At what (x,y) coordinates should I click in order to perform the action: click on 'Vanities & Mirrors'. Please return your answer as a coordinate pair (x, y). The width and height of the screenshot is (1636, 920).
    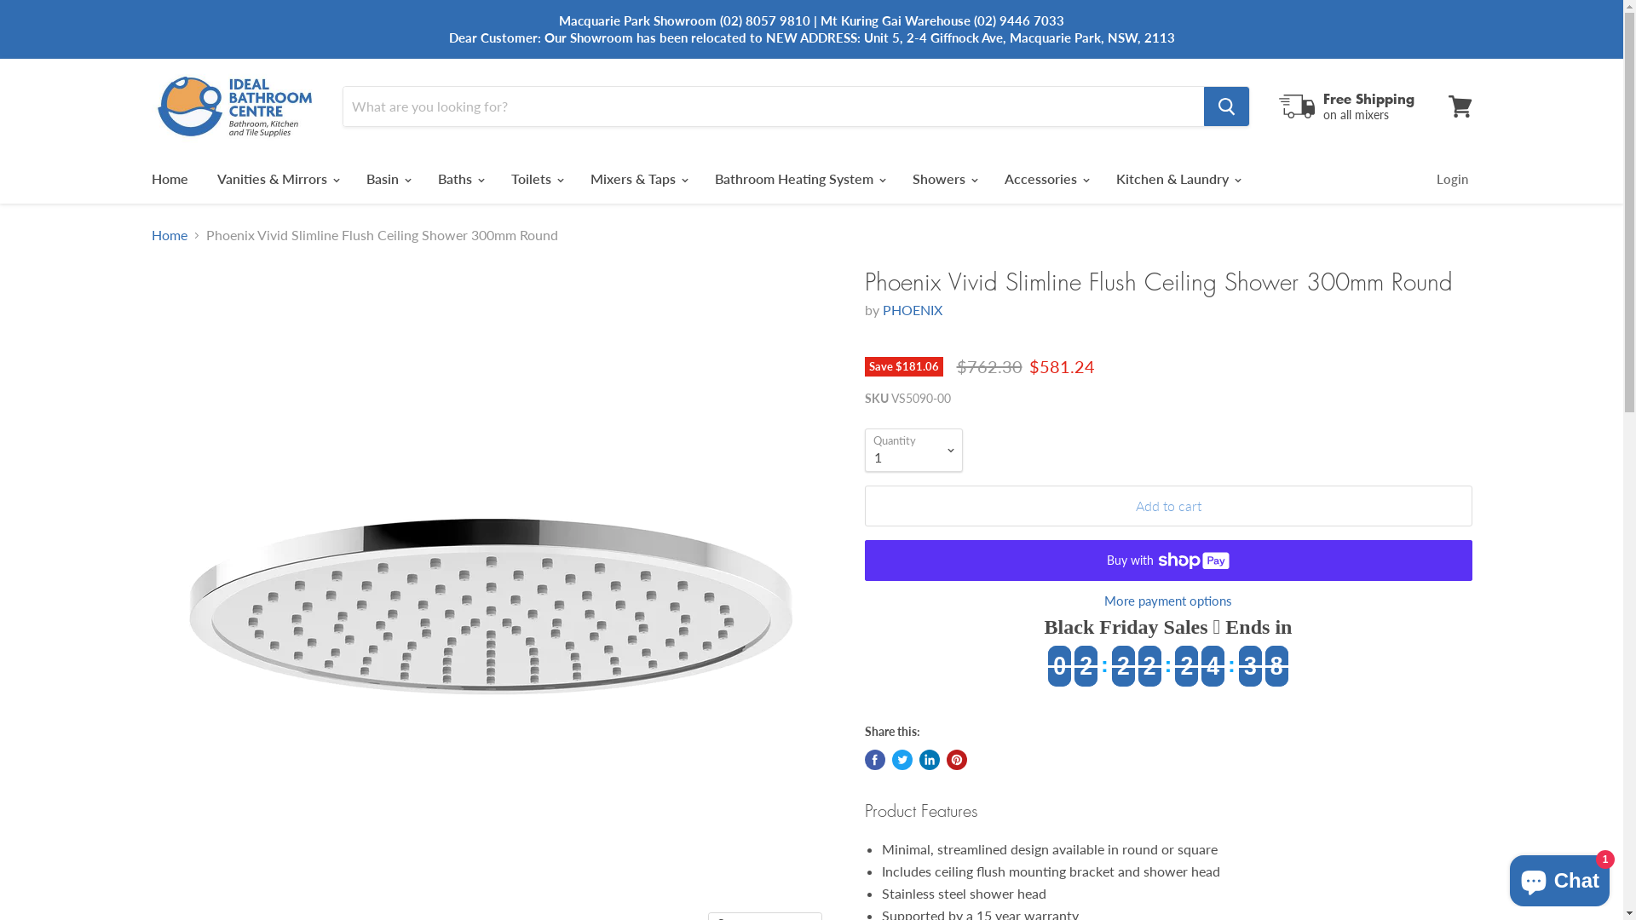
    Looking at the image, I should click on (277, 178).